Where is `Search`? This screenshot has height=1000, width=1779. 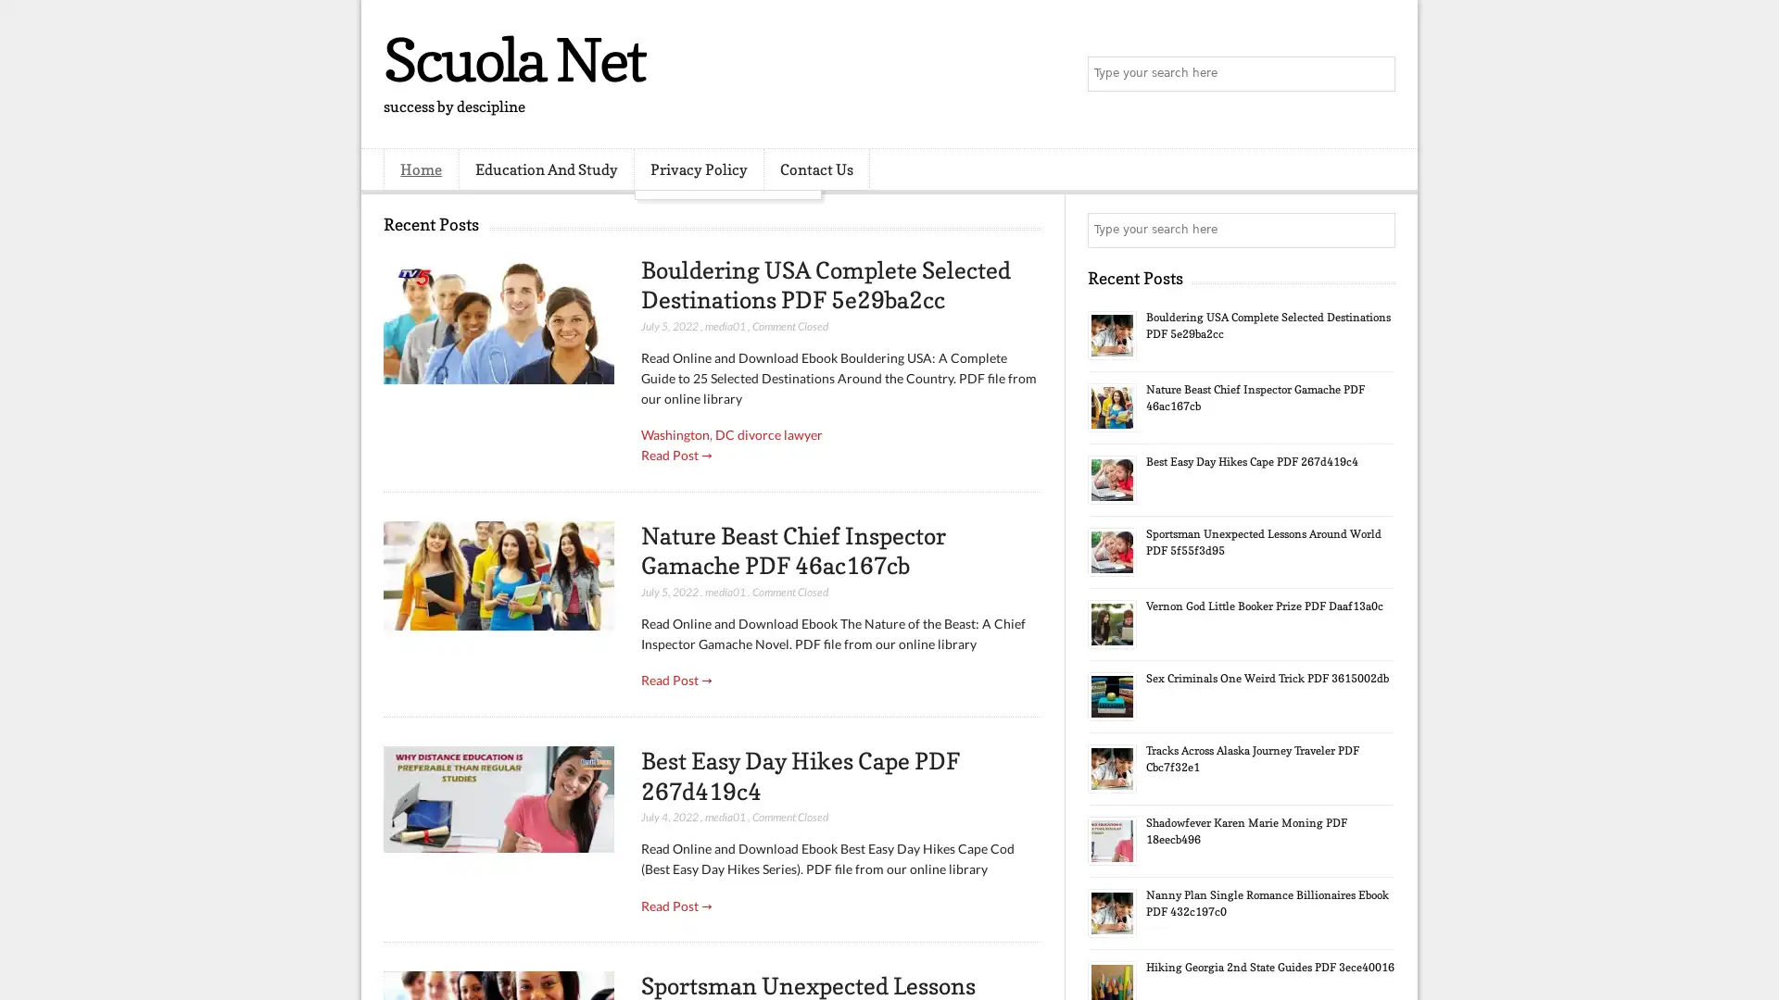 Search is located at coordinates (1376, 230).